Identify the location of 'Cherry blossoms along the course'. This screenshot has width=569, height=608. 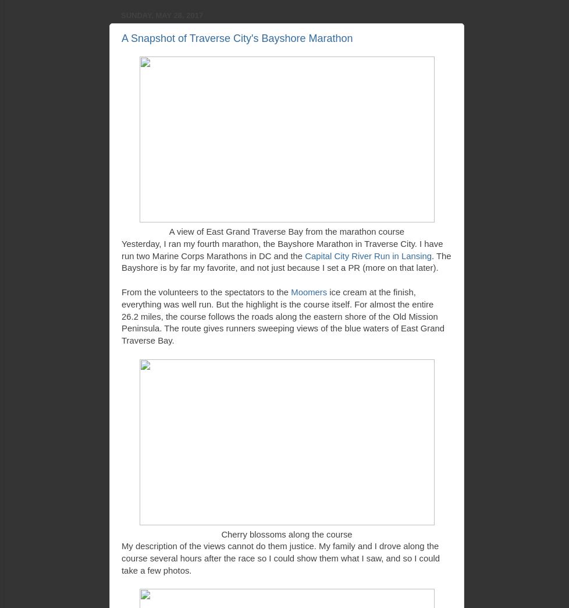
(286, 533).